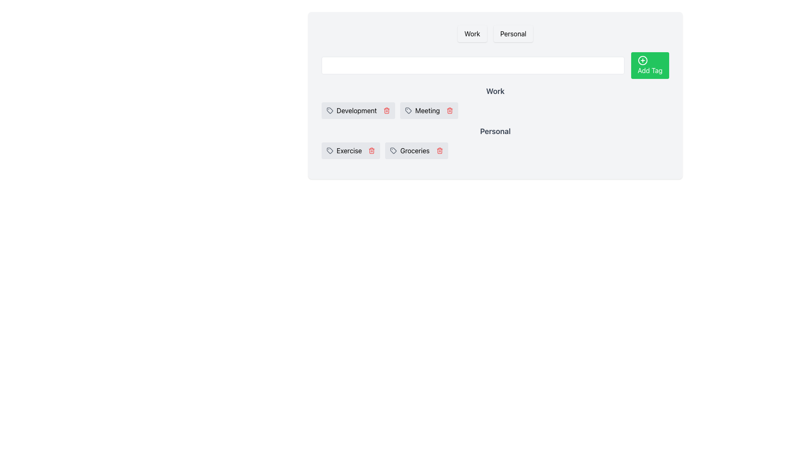  Describe the element at coordinates (330, 110) in the screenshot. I see `the gray-colored tag icon located in the 'Work' section, to the left of the 'Development' text label` at that location.